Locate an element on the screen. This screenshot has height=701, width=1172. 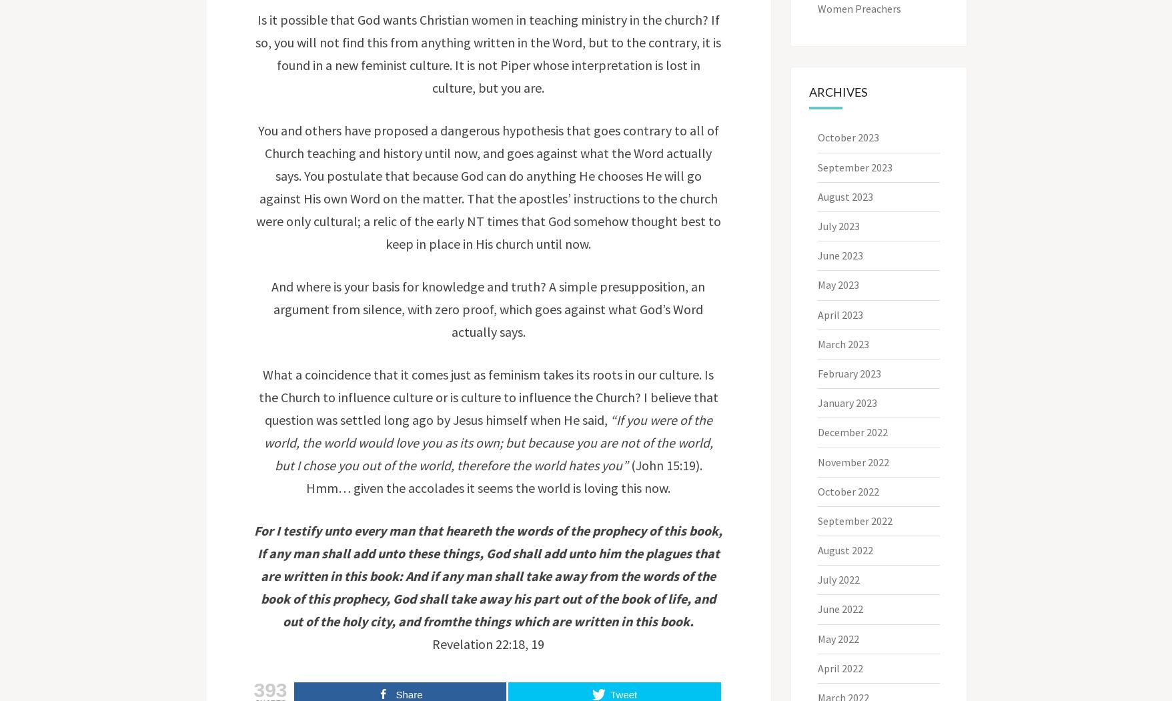
'Tweet' is located at coordinates (623, 694).